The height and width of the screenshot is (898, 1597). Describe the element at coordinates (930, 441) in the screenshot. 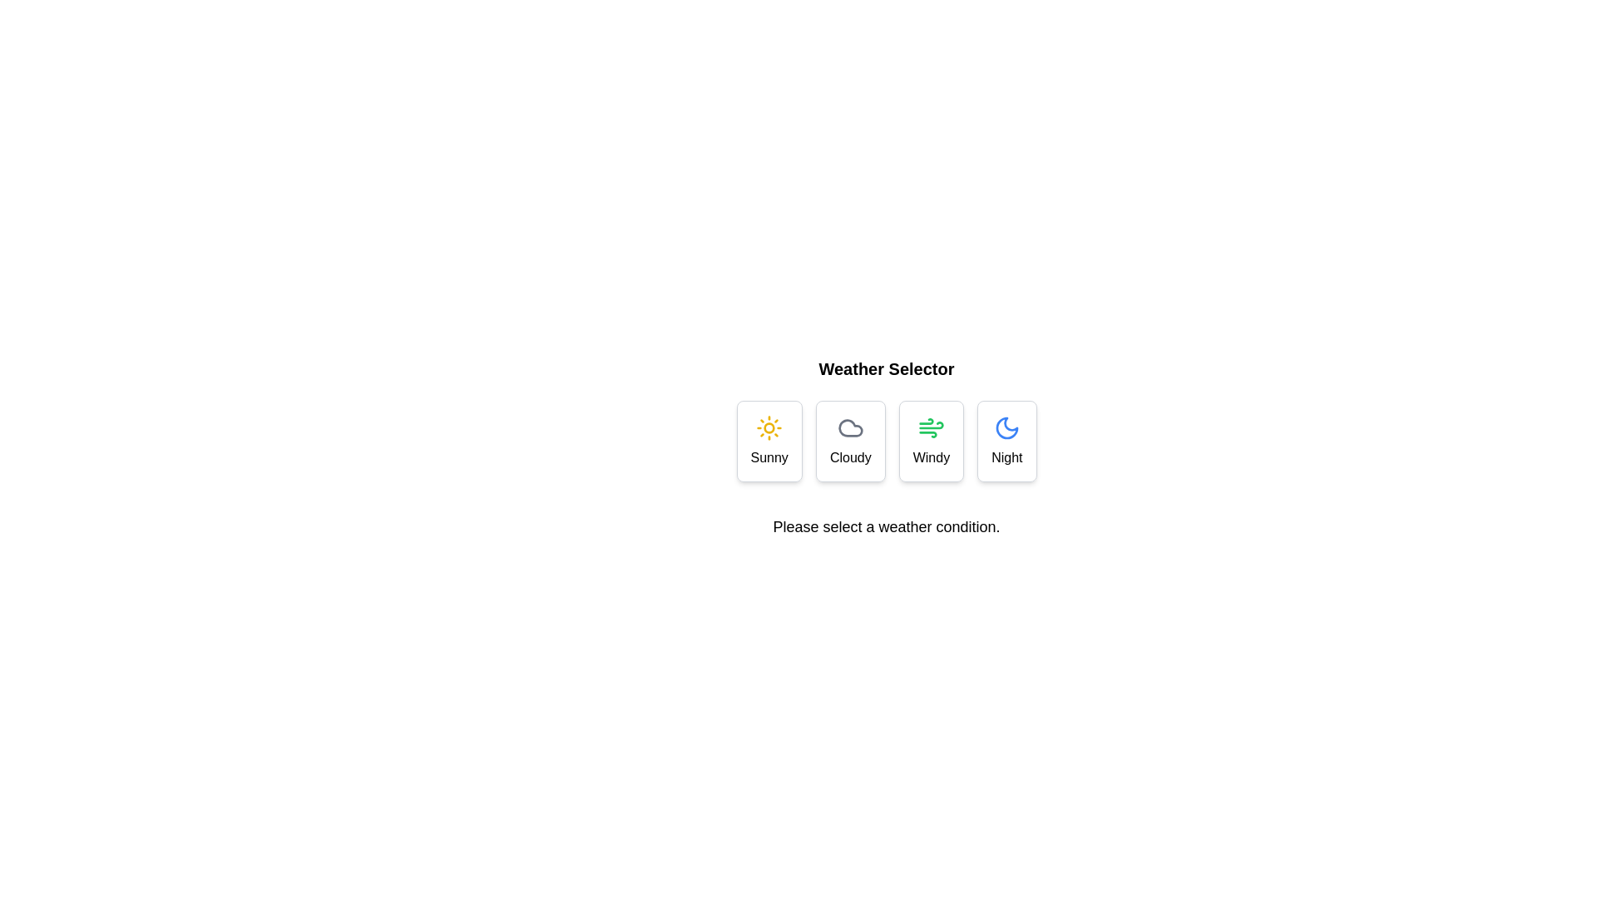

I see `the 'Windy' weather condition button, which is the third card in a horizontal arrangement of four cards in the weather selection interface` at that location.